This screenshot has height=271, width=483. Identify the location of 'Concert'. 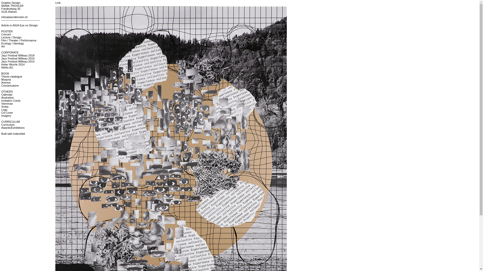
(6, 34).